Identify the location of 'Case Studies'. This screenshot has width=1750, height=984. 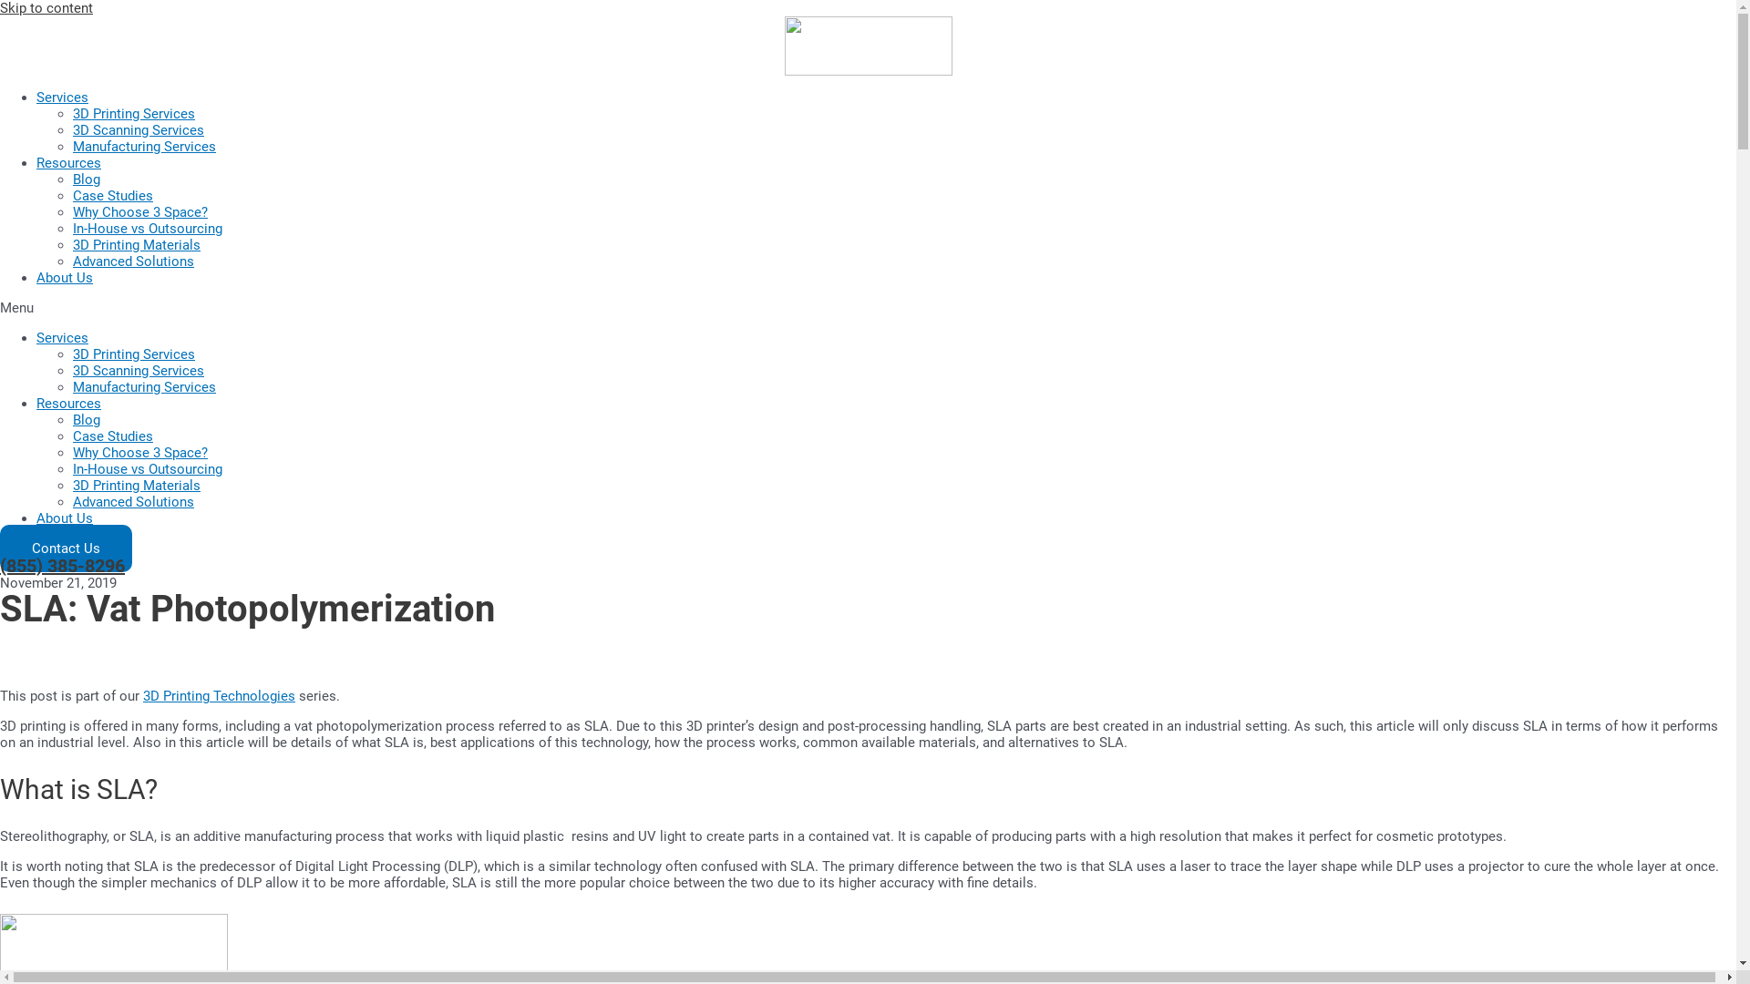
(112, 436).